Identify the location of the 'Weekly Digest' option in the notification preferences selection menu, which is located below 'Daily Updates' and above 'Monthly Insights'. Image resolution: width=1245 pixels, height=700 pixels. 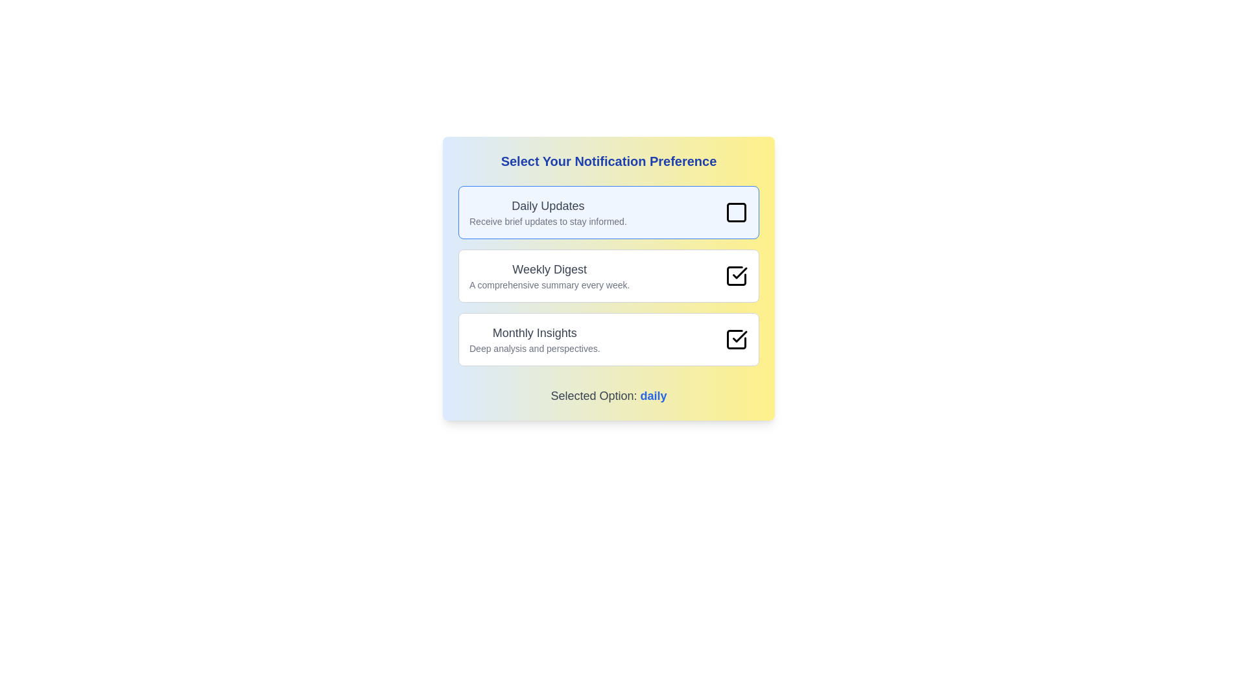
(608, 275).